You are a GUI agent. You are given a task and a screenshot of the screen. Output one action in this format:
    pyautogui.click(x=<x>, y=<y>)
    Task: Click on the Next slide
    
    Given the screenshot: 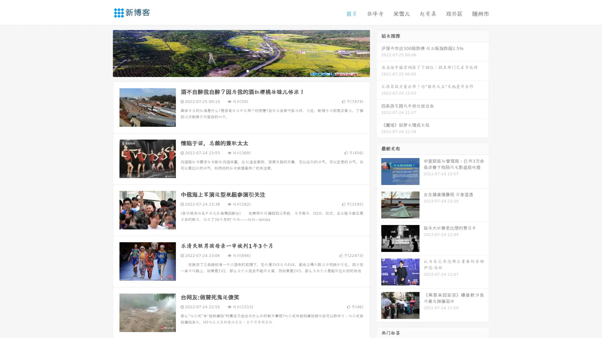 What is the action you would take?
    pyautogui.click(x=379, y=53)
    